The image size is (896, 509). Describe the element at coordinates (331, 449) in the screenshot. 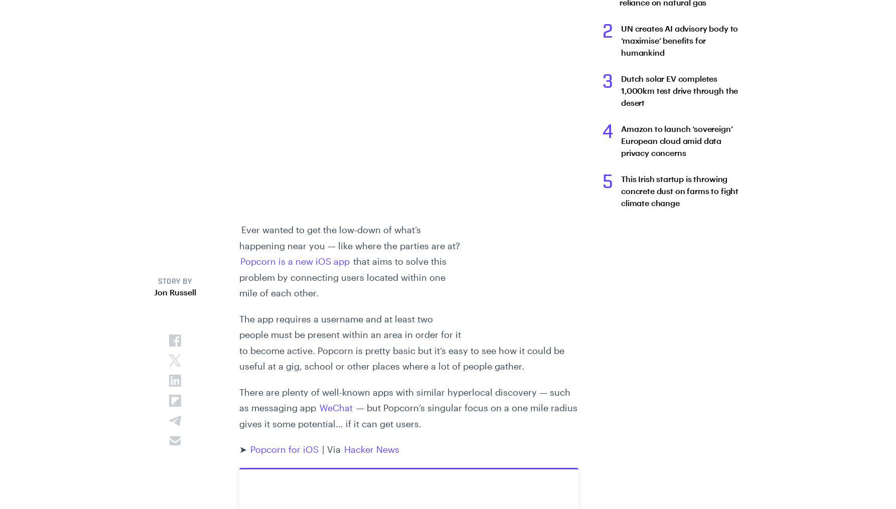

I see `'| Via'` at that location.